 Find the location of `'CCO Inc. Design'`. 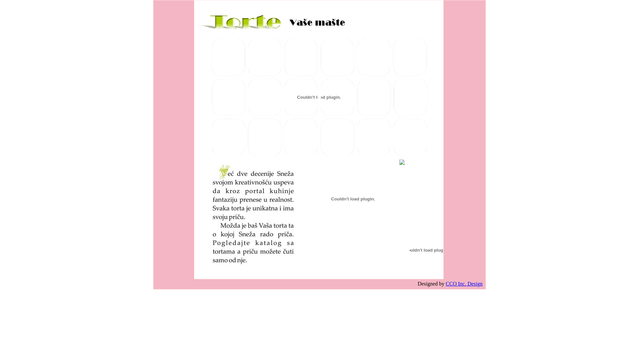

'CCO Inc. Design' is located at coordinates (446, 284).